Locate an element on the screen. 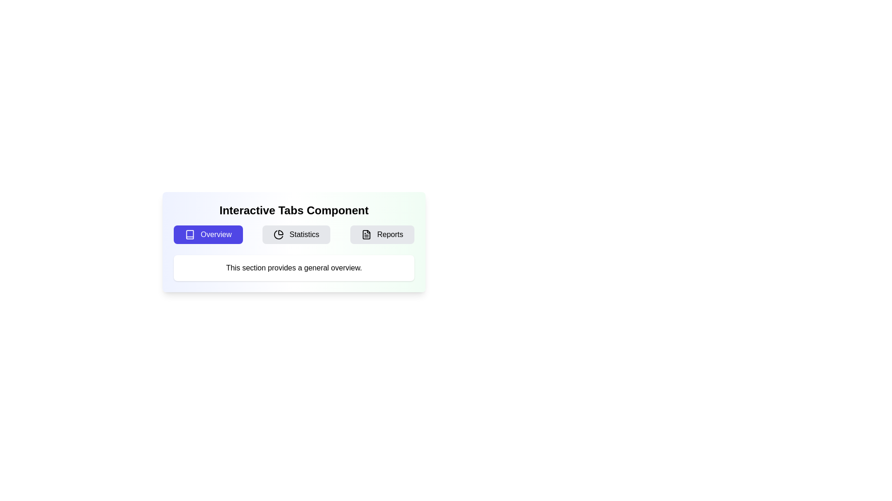 The image size is (892, 501). the second sliced segment of the pie chart icon within the 'Statistics' tab is located at coordinates (278, 234).